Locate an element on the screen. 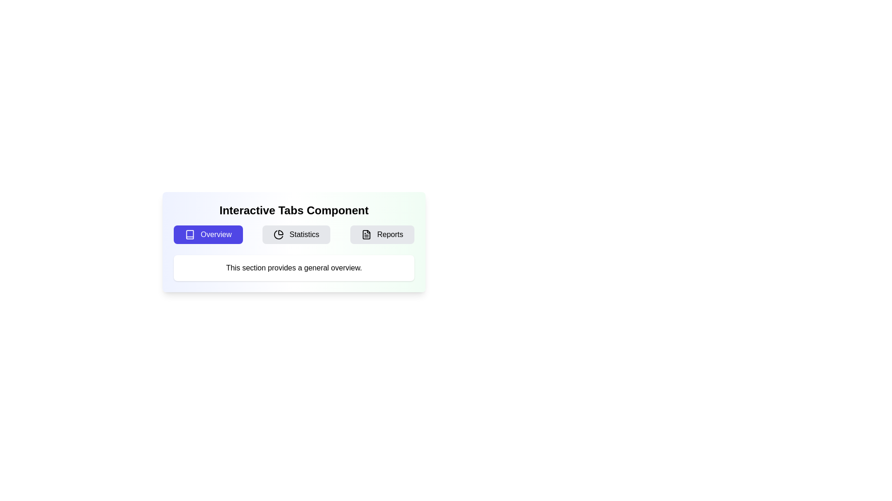 The image size is (892, 501). the second sliced segment of the pie chart icon within the 'Statistics' tab is located at coordinates (278, 234).